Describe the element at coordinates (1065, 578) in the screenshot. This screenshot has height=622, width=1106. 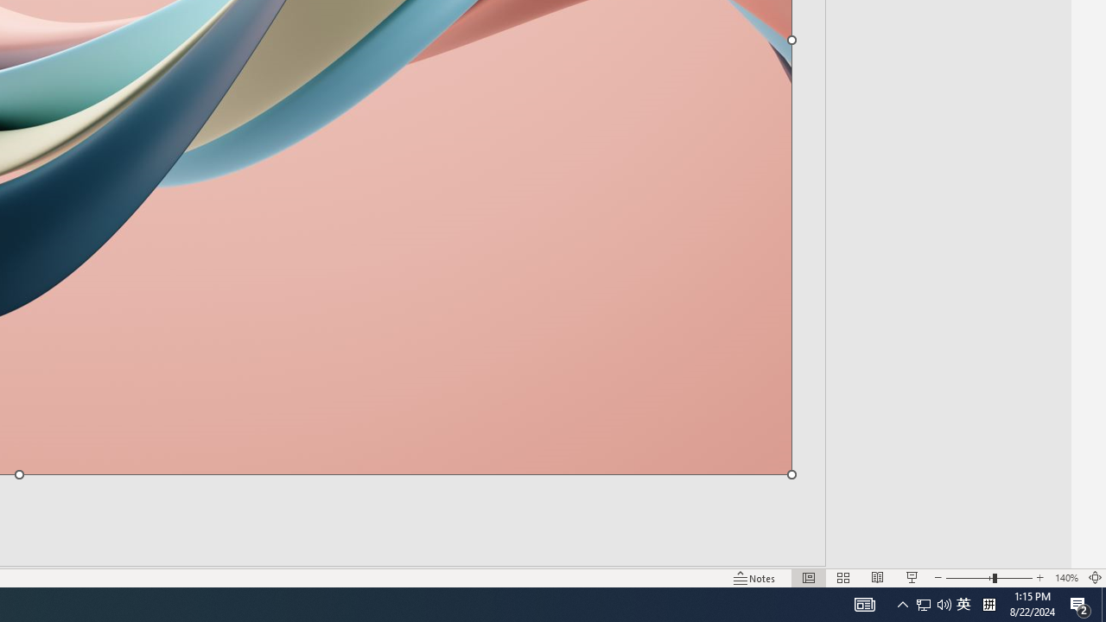
I see `'Zoom 140%'` at that location.